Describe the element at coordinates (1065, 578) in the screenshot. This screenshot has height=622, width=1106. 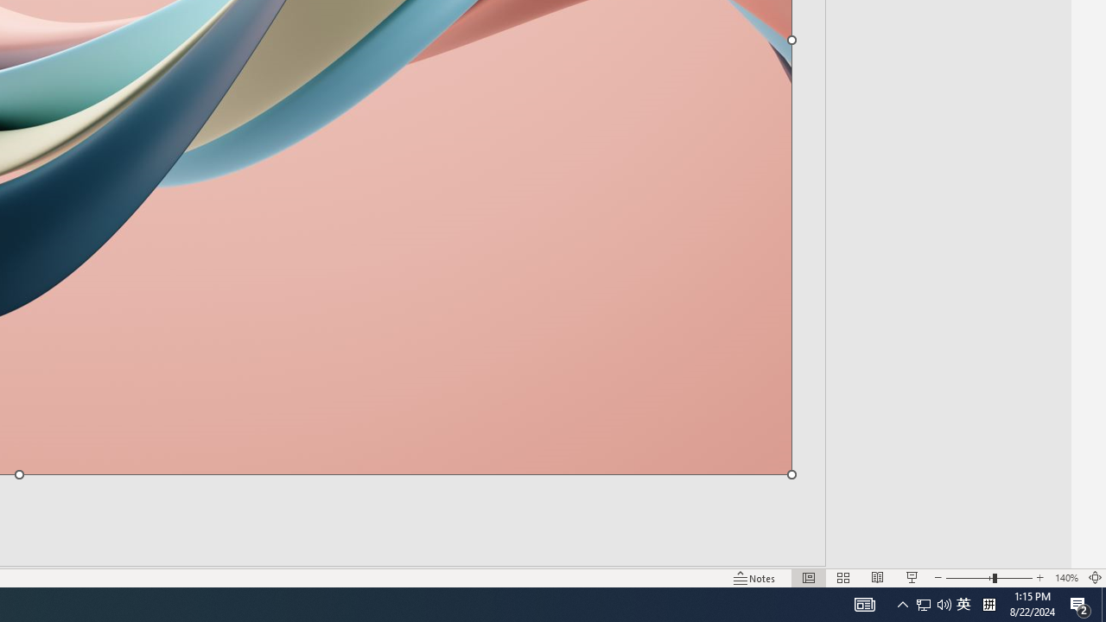
I see `'Zoom 140%'` at that location.